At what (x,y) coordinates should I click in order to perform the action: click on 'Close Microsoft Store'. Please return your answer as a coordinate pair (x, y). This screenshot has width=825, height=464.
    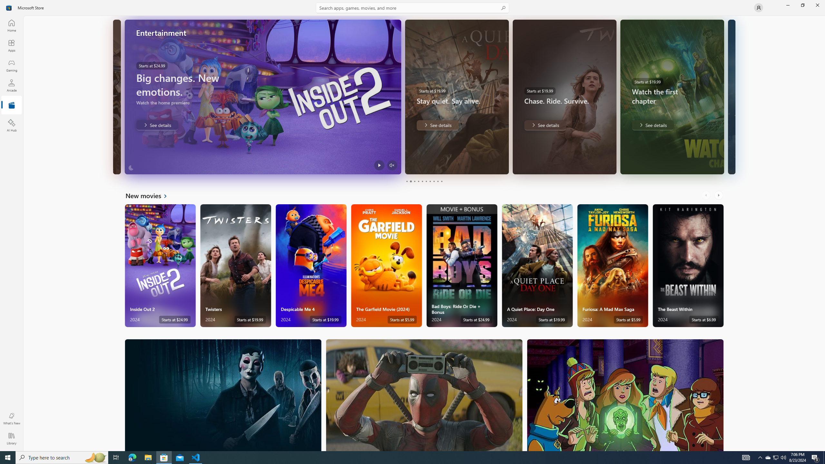
    Looking at the image, I should click on (817, 5).